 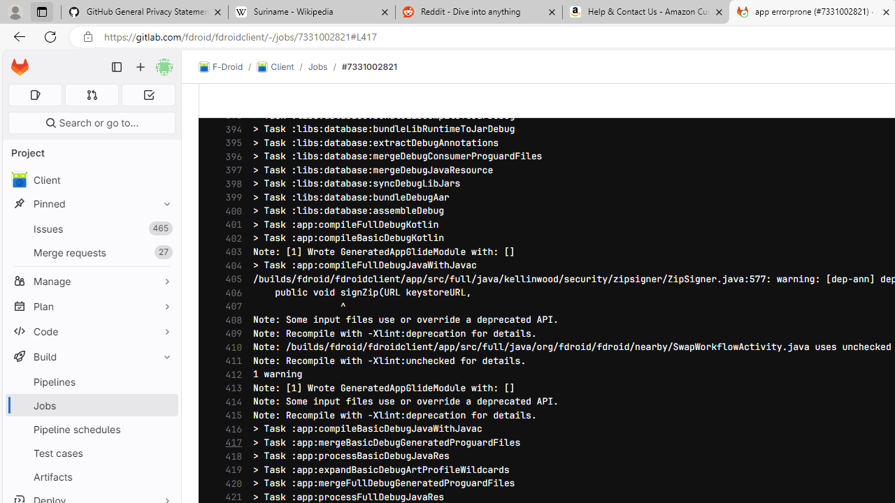 I want to click on '409', so click(x=230, y=334).